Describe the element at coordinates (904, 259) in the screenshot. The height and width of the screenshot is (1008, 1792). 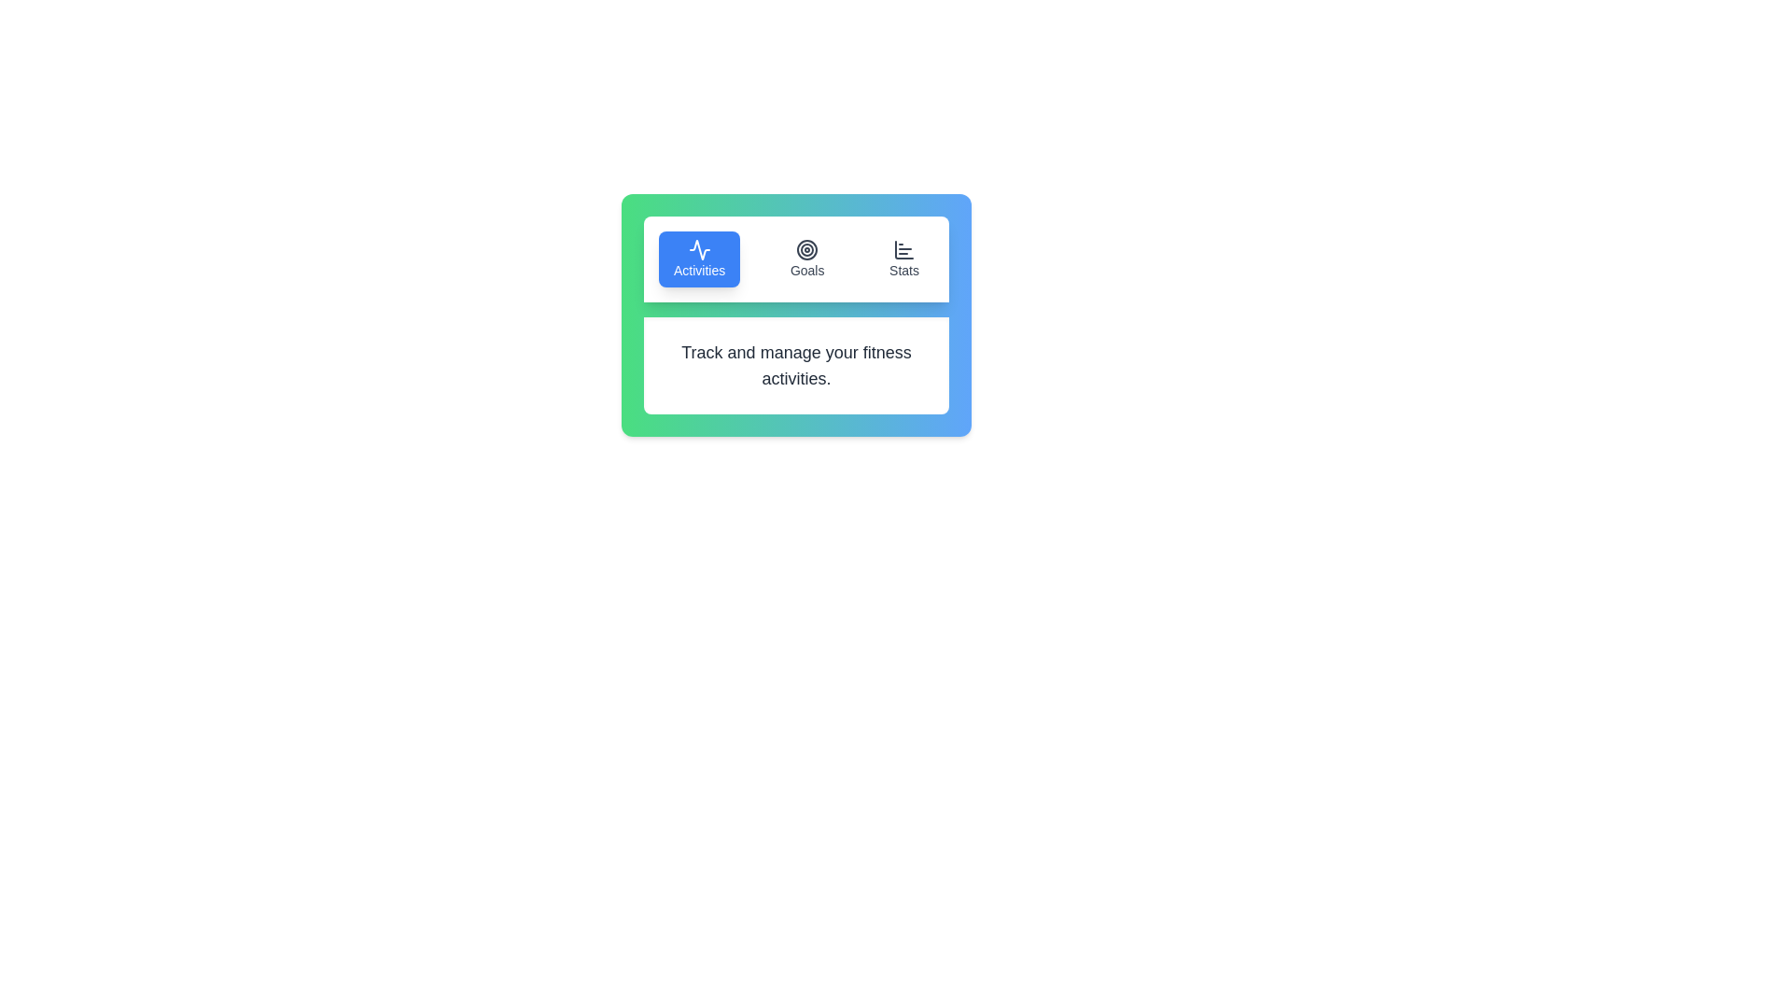
I see `the Stats tab to switch content` at that location.